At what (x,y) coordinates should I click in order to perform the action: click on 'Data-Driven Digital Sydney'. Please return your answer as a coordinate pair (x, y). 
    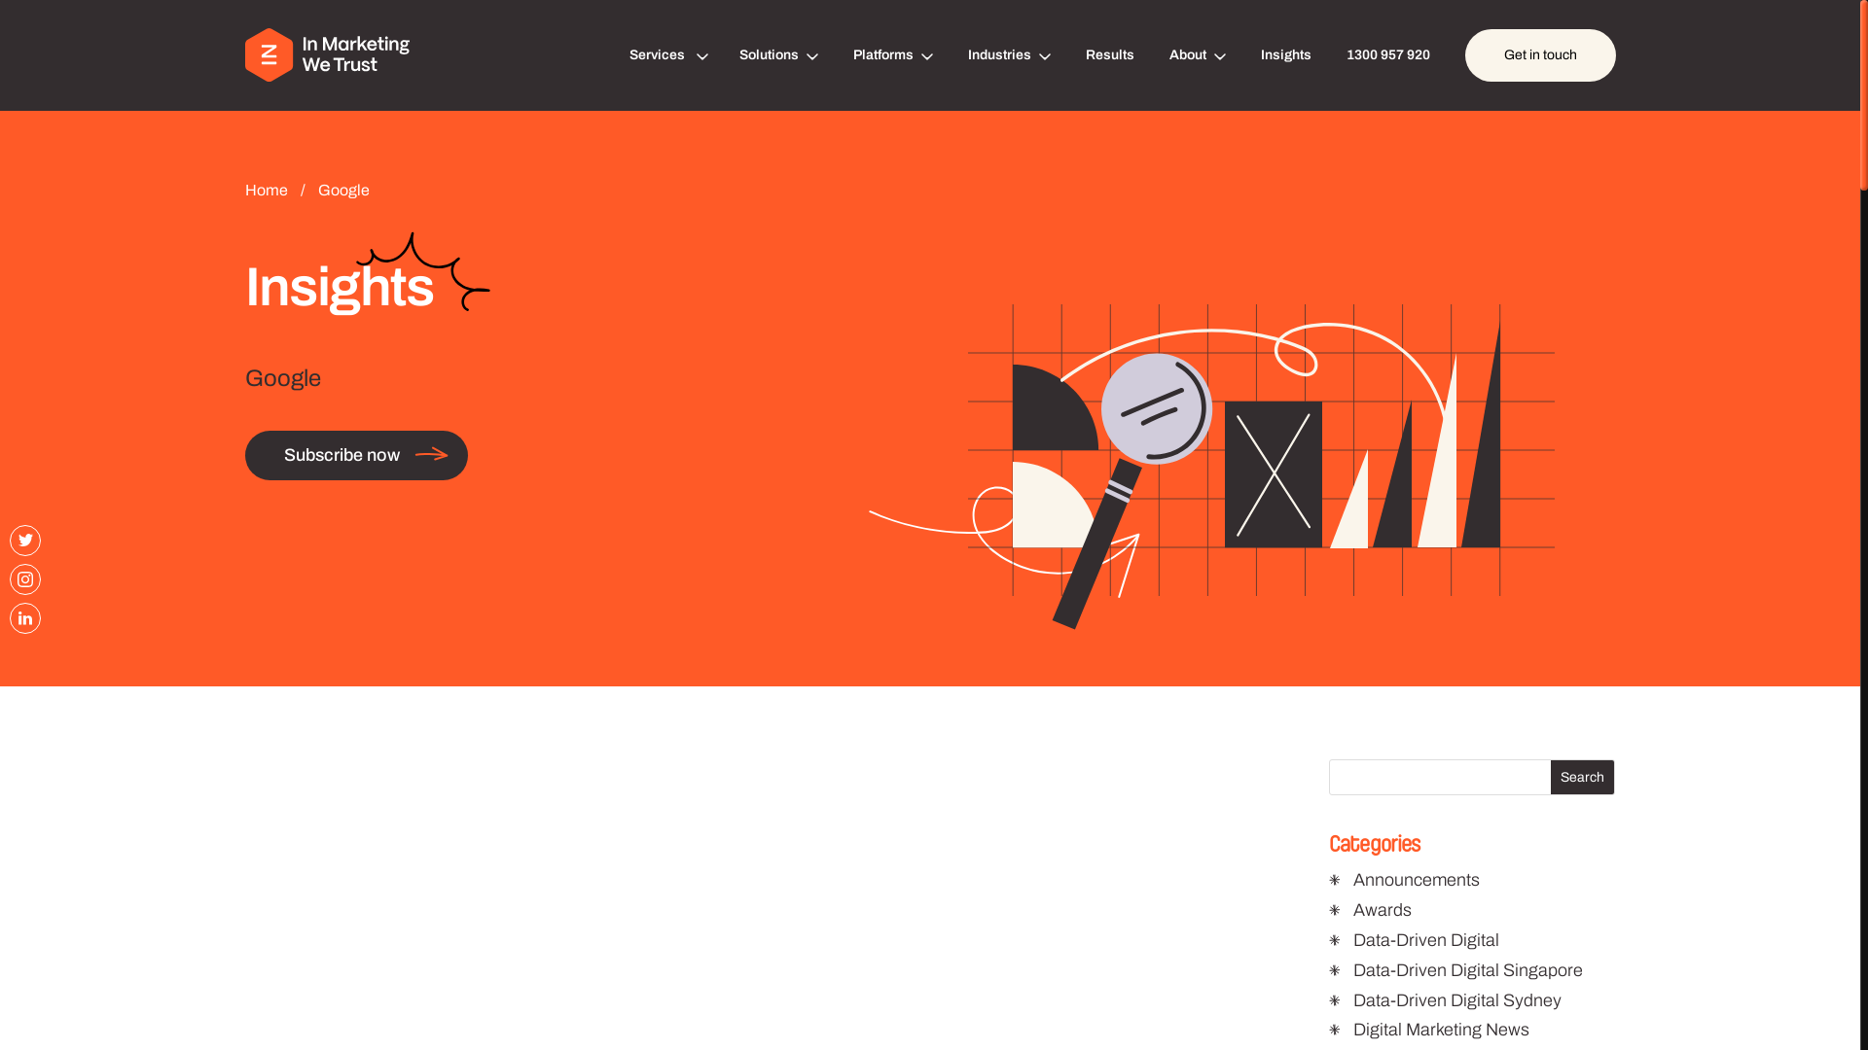
    Looking at the image, I should click on (1352, 1000).